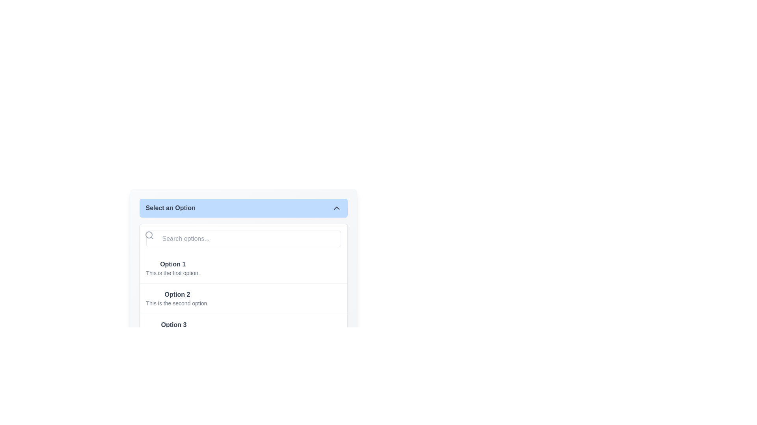  Describe the element at coordinates (173, 325) in the screenshot. I see `the highlighted 'Option 3' text label representing a selectable option in the list` at that location.